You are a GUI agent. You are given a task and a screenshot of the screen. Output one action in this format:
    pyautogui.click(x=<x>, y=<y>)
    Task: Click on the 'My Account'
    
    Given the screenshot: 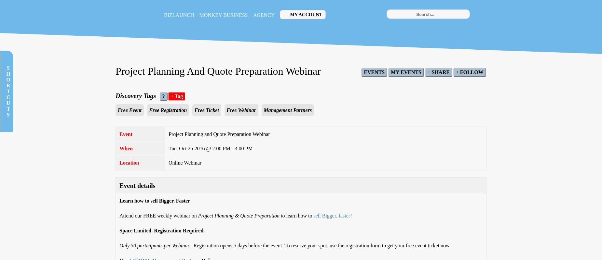 What is the action you would take?
    pyautogui.click(x=306, y=14)
    